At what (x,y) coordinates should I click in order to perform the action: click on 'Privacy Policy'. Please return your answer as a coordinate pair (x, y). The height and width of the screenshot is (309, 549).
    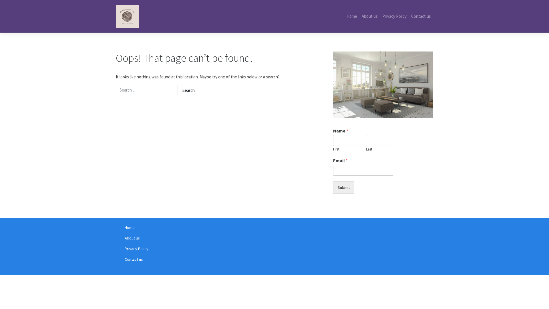
    Looking at the image, I should click on (168, 248).